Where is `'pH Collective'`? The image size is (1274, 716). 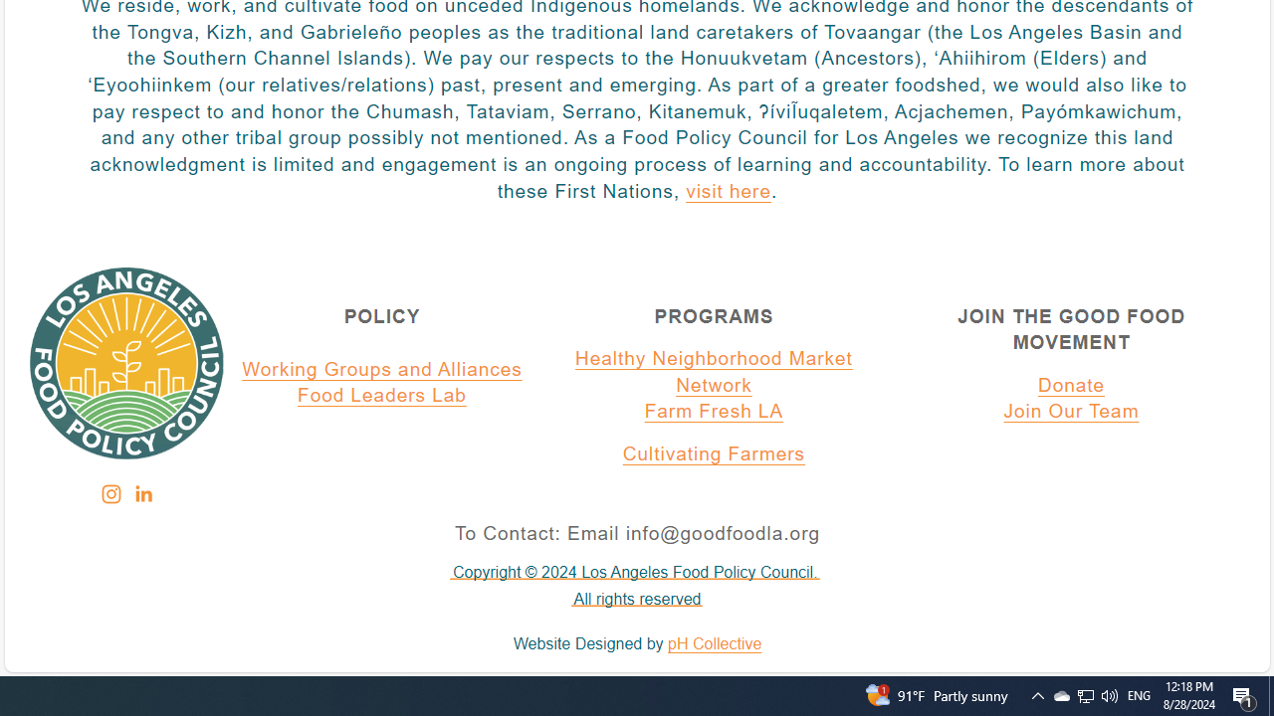 'pH Collective' is located at coordinates (715, 644).